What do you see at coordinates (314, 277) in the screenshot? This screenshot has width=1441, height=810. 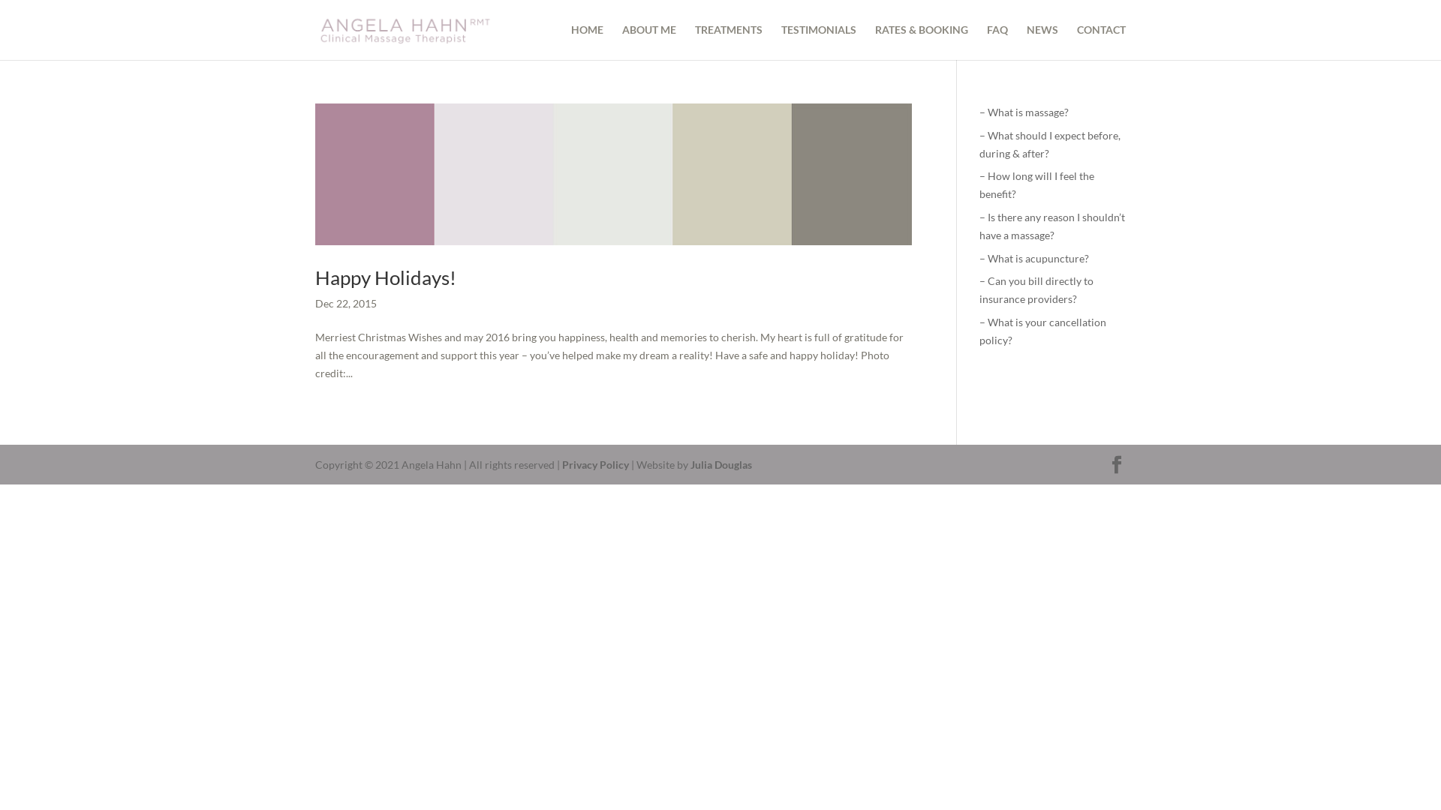 I see `'Happy Holidays!'` at bounding box center [314, 277].